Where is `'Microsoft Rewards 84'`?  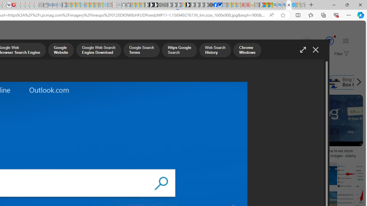
'Microsoft Rewards 84' is located at coordinates (324, 41).